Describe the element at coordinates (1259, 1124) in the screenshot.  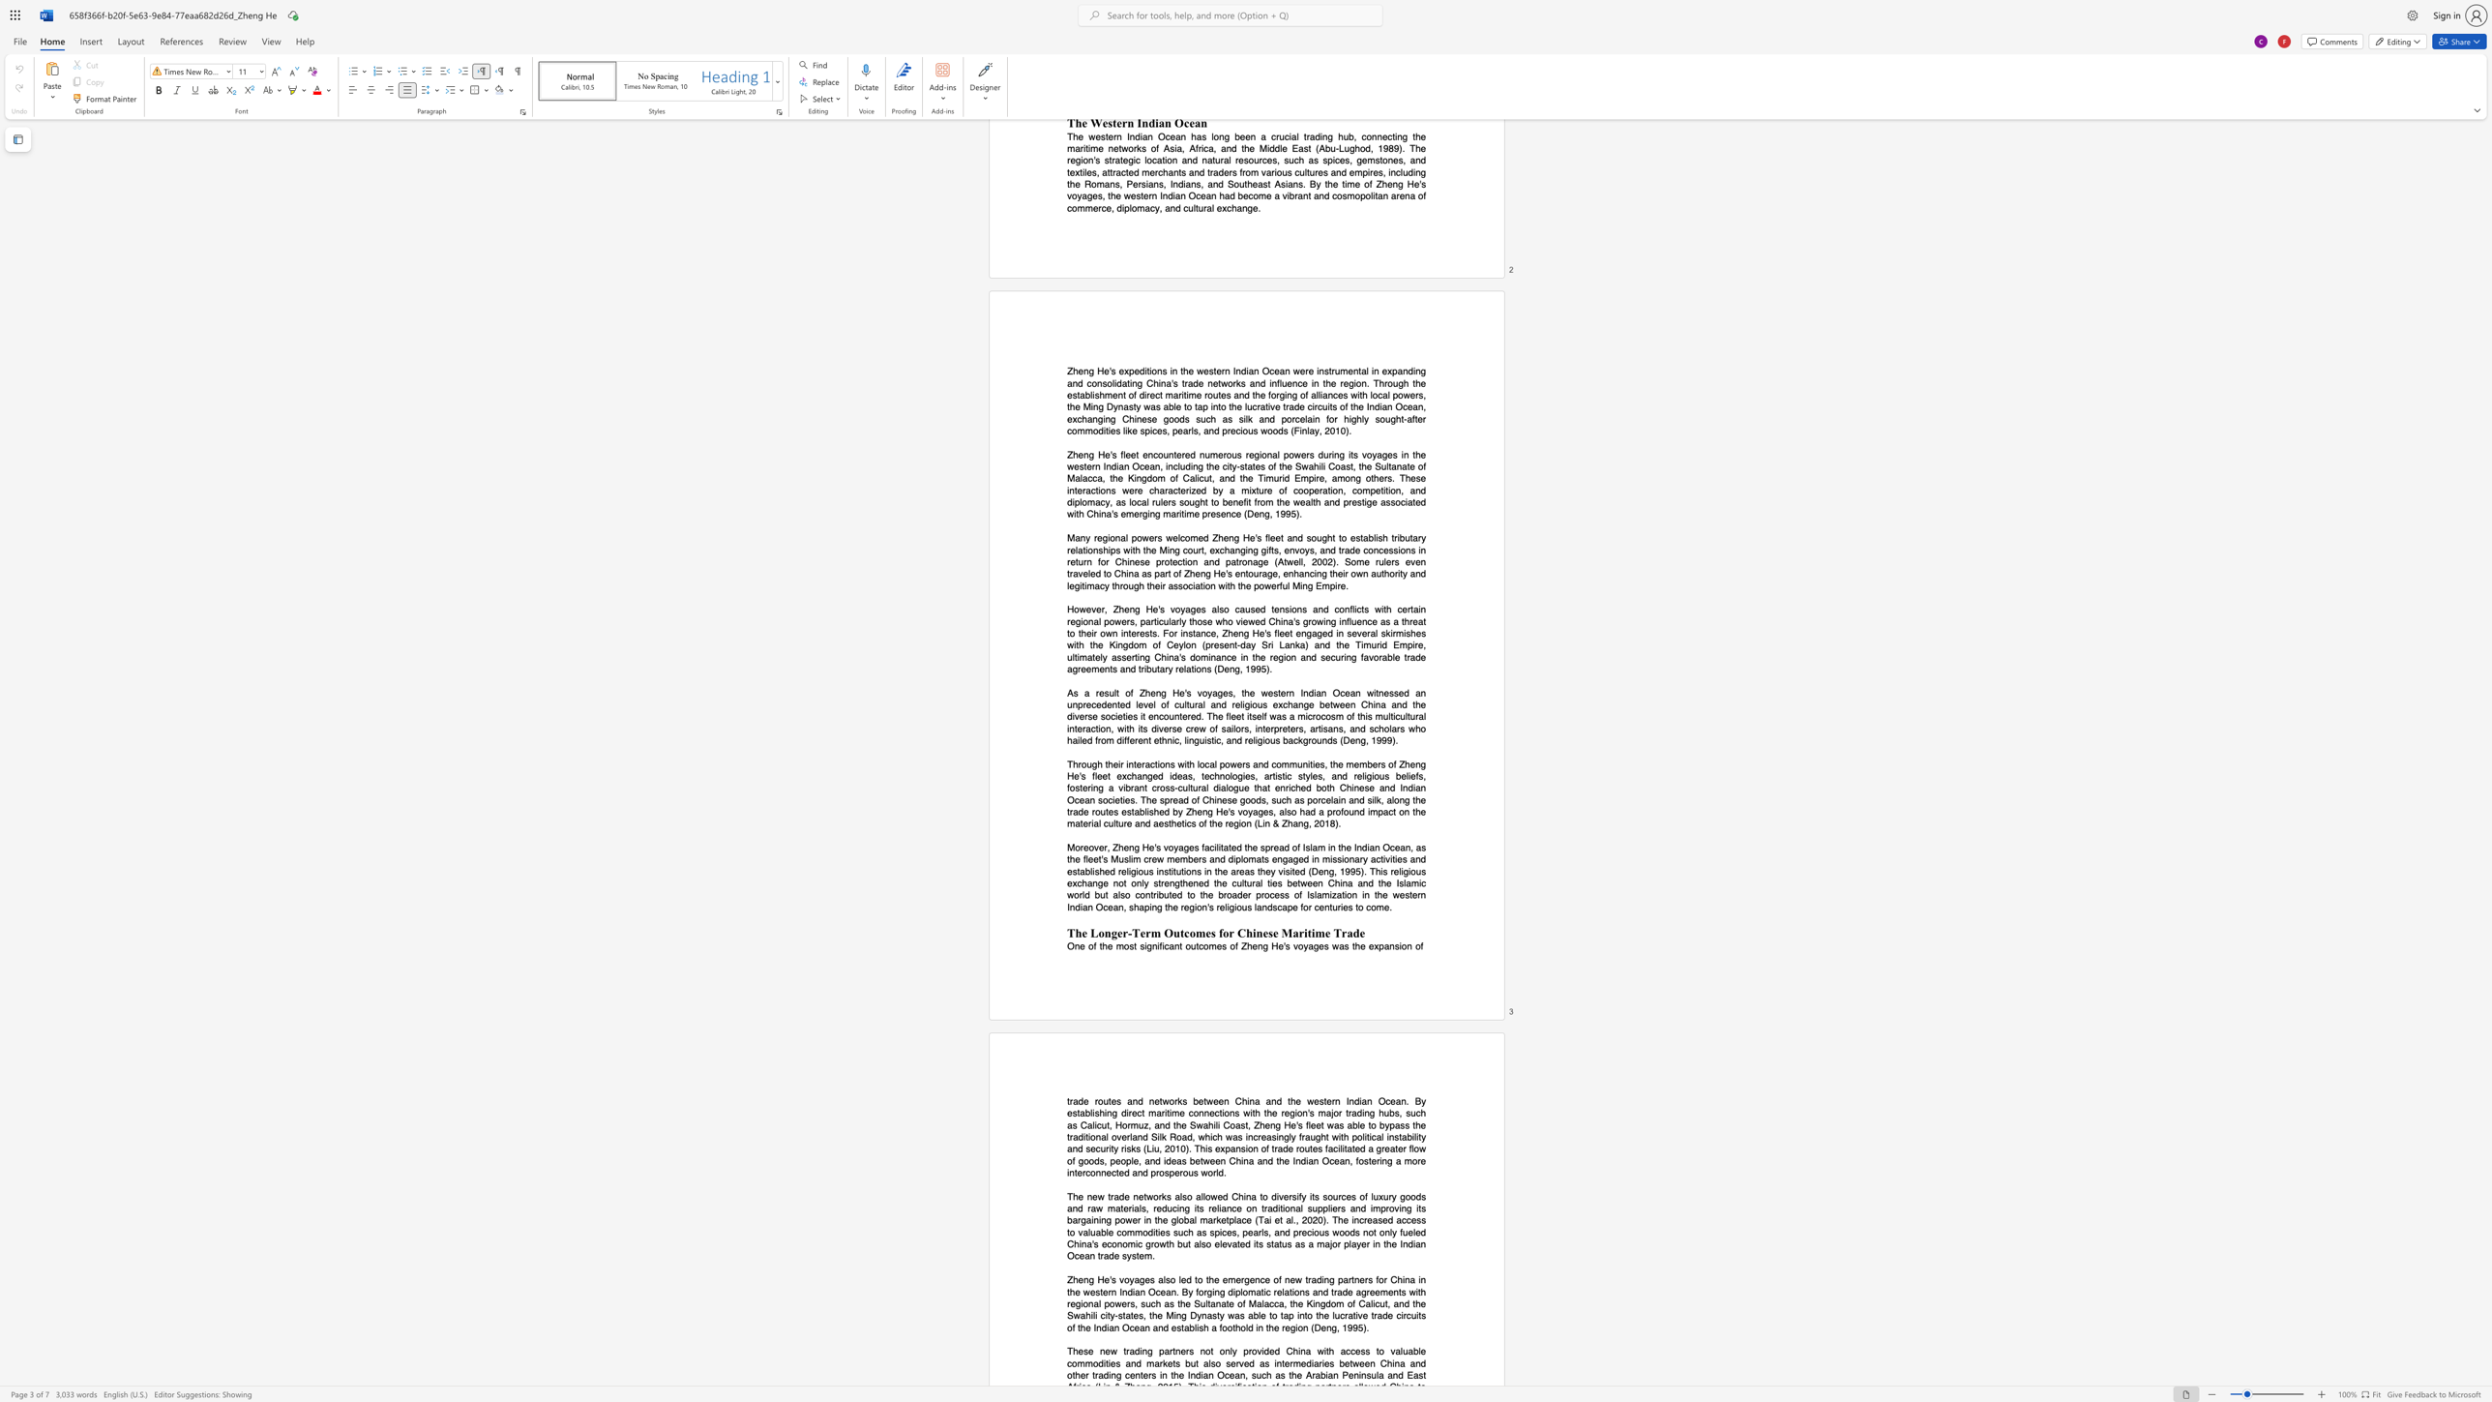
I see `the space between the continuous character "Z" and "h" in the text` at that location.